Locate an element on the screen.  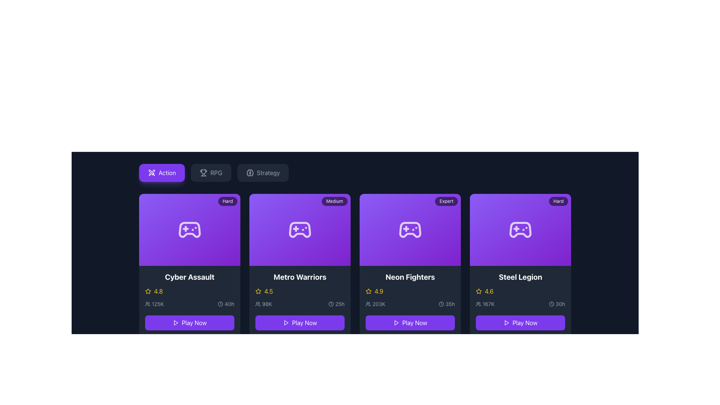
the clock icon represented by the outer circle of the clock's frame, which is centrally located within the clock icon is located at coordinates (551, 304).